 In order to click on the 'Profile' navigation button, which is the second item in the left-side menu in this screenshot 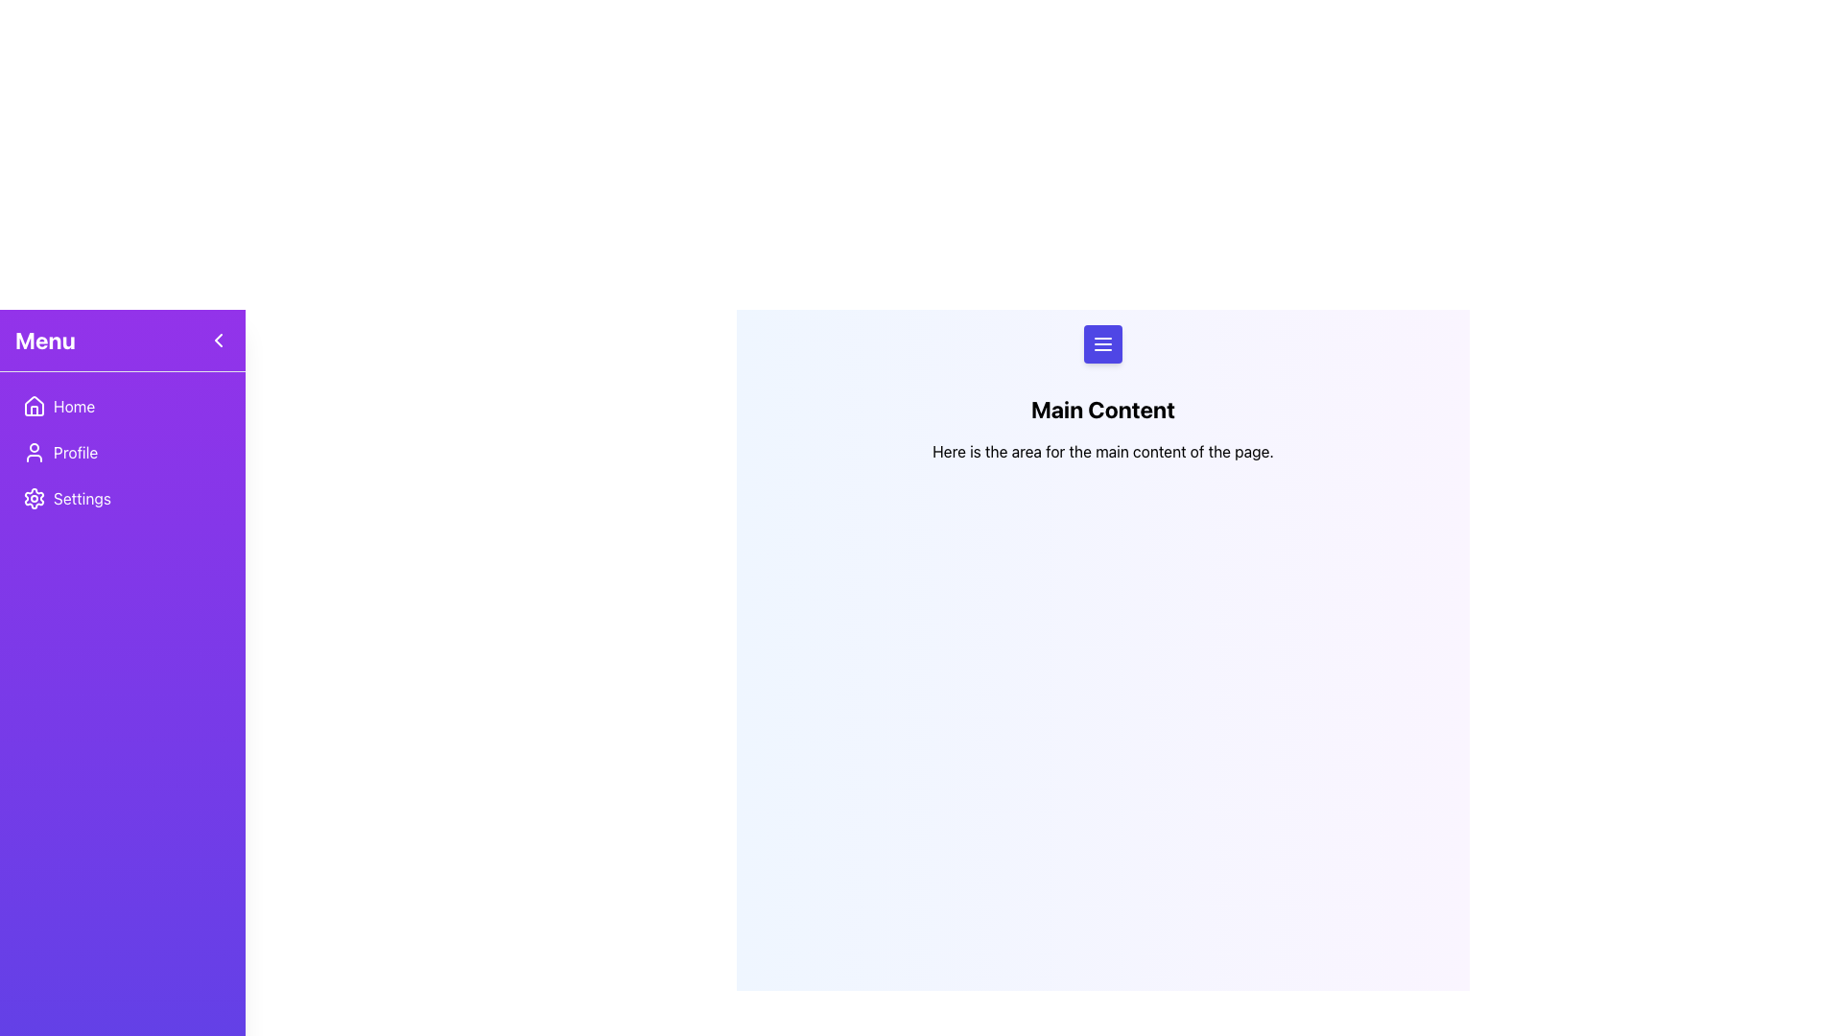, I will do `click(122, 452)`.